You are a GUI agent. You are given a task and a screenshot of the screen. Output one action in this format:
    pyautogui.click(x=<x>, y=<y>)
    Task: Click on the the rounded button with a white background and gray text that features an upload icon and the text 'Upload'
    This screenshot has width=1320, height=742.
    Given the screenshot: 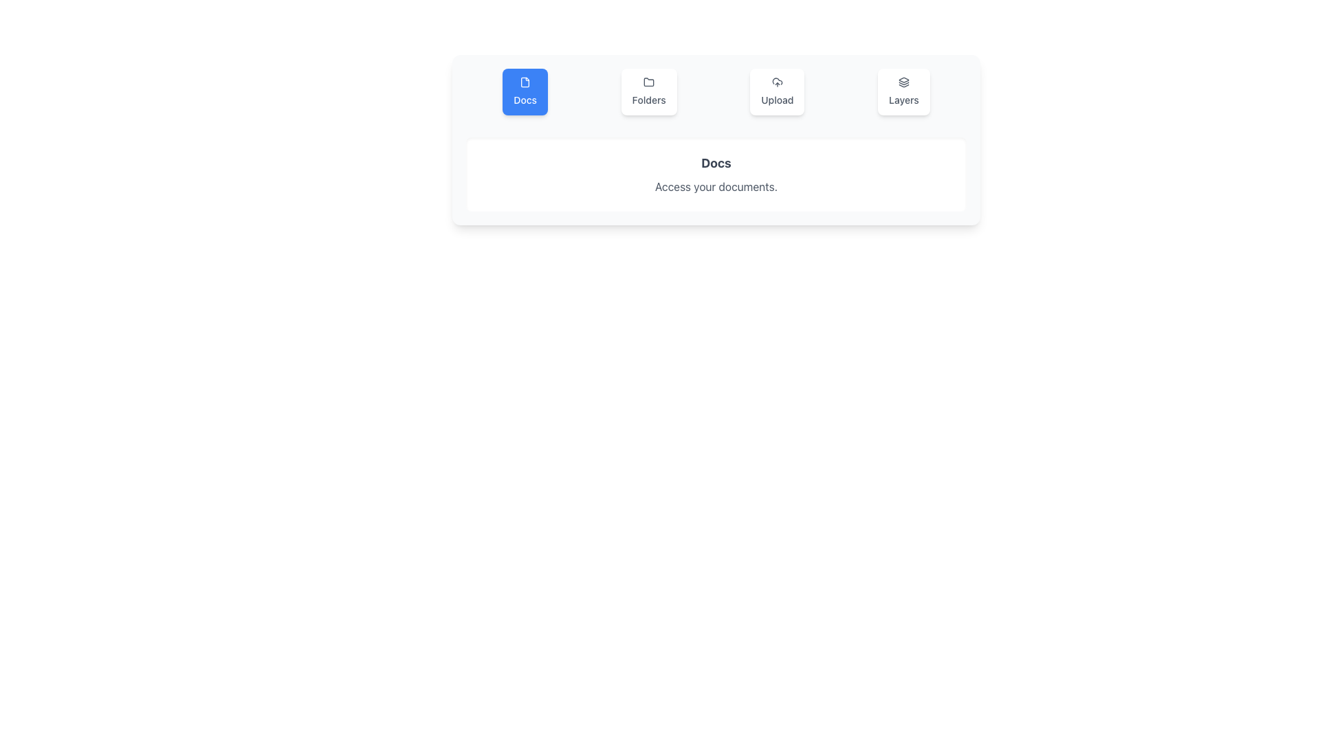 What is the action you would take?
    pyautogui.click(x=777, y=92)
    